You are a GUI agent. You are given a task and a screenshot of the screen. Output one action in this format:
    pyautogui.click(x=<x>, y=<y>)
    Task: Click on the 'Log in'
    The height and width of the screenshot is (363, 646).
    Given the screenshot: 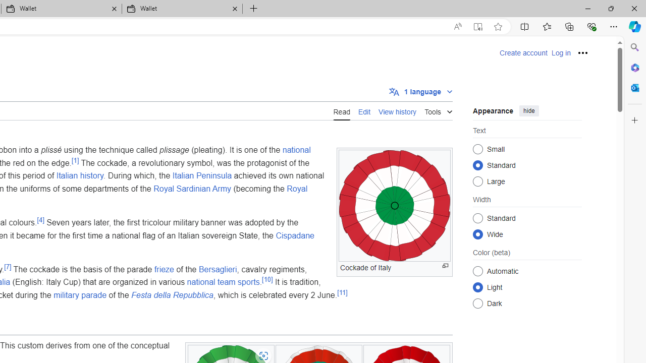 What is the action you would take?
    pyautogui.click(x=560, y=53)
    